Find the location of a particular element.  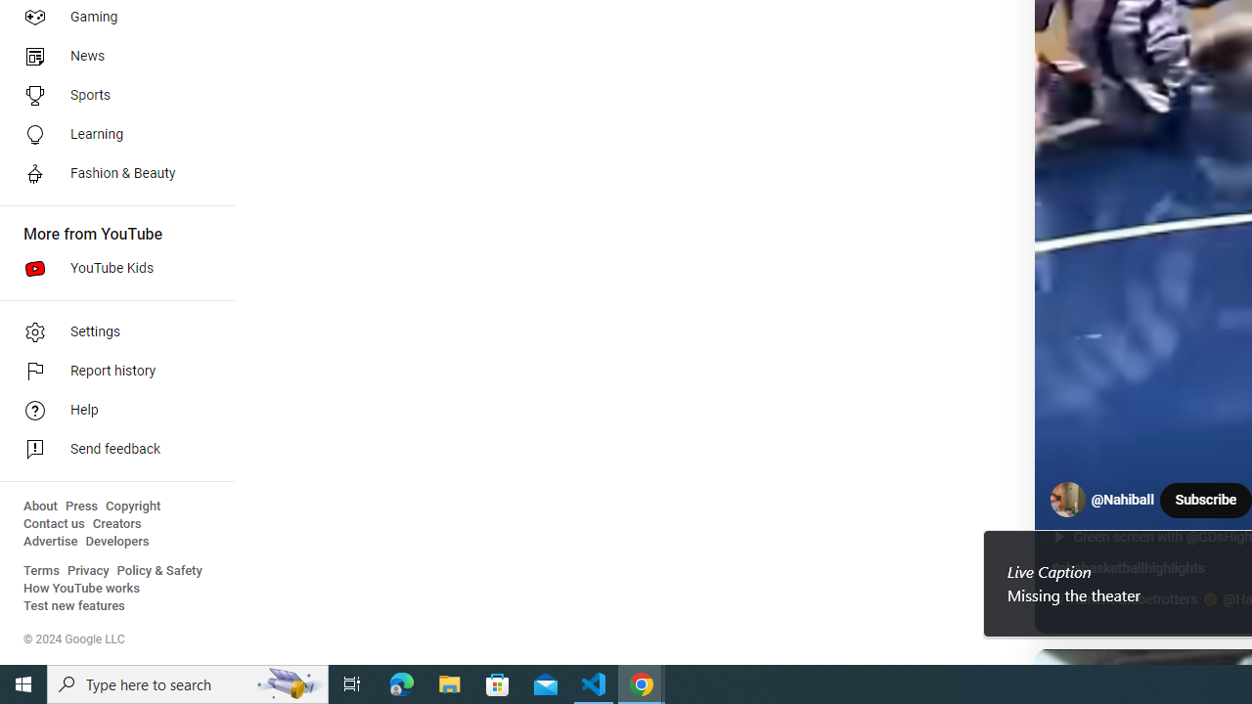

'Privacy' is located at coordinates (87, 571).